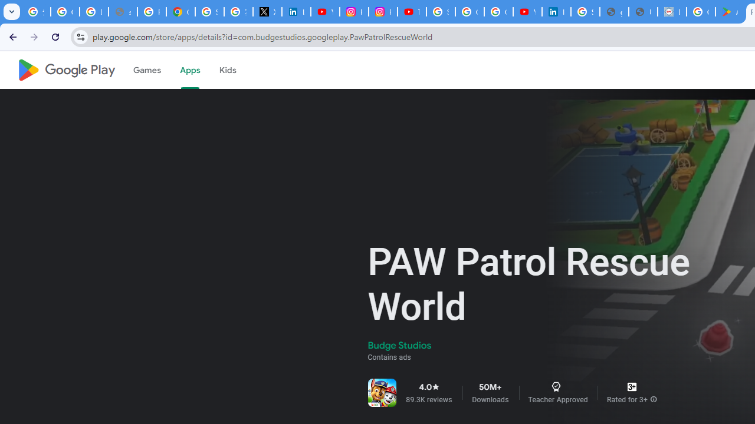 The height and width of the screenshot is (424, 755). What do you see at coordinates (267, 12) in the screenshot?
I see `'X'` at bounding box center [267, 12].